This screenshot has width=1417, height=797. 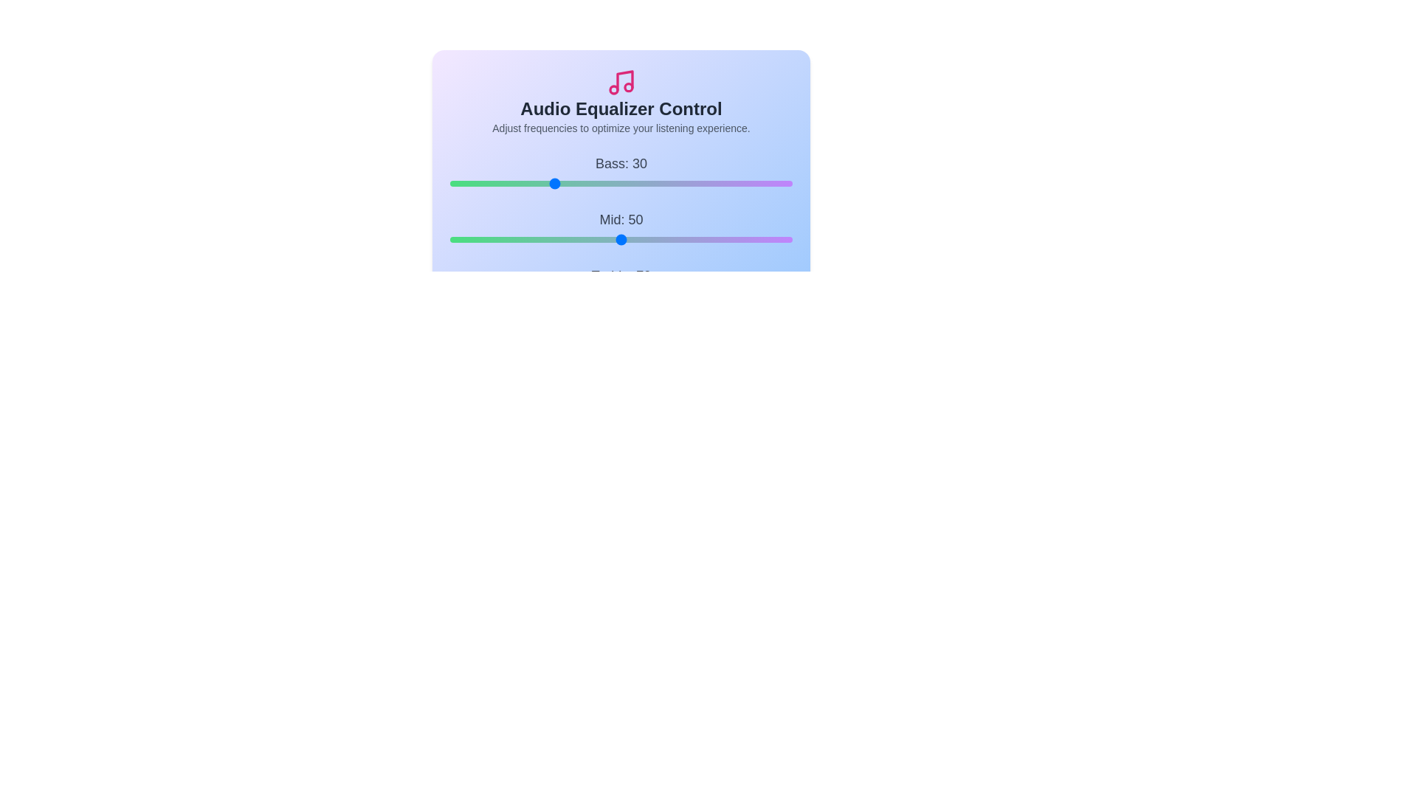 I want to click on the Bass slider to set the bass level to 83, so click(x=734, y=183).